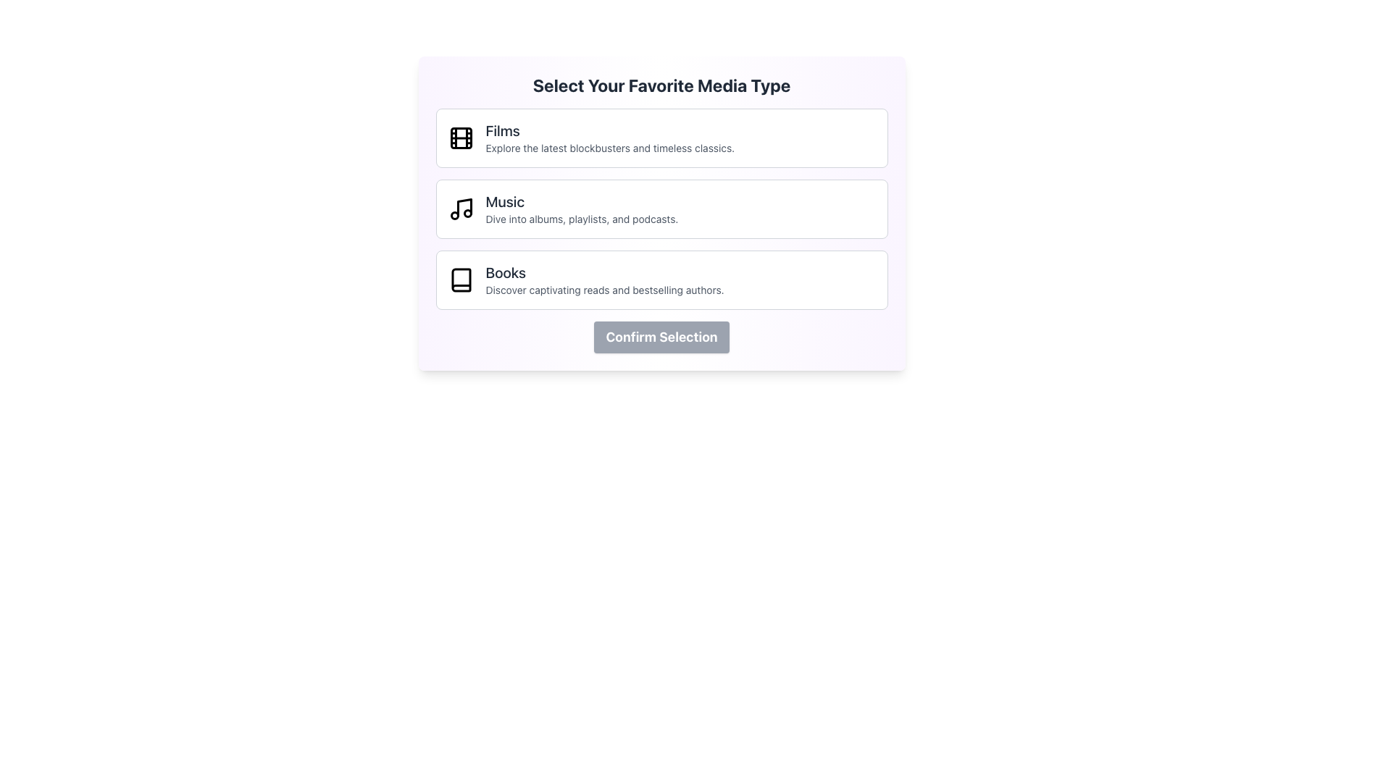  I want to click on text block titled 'Films' which consists of a bold title and a descriptive text aligned to the left within a bordered card, so click(610, 138).